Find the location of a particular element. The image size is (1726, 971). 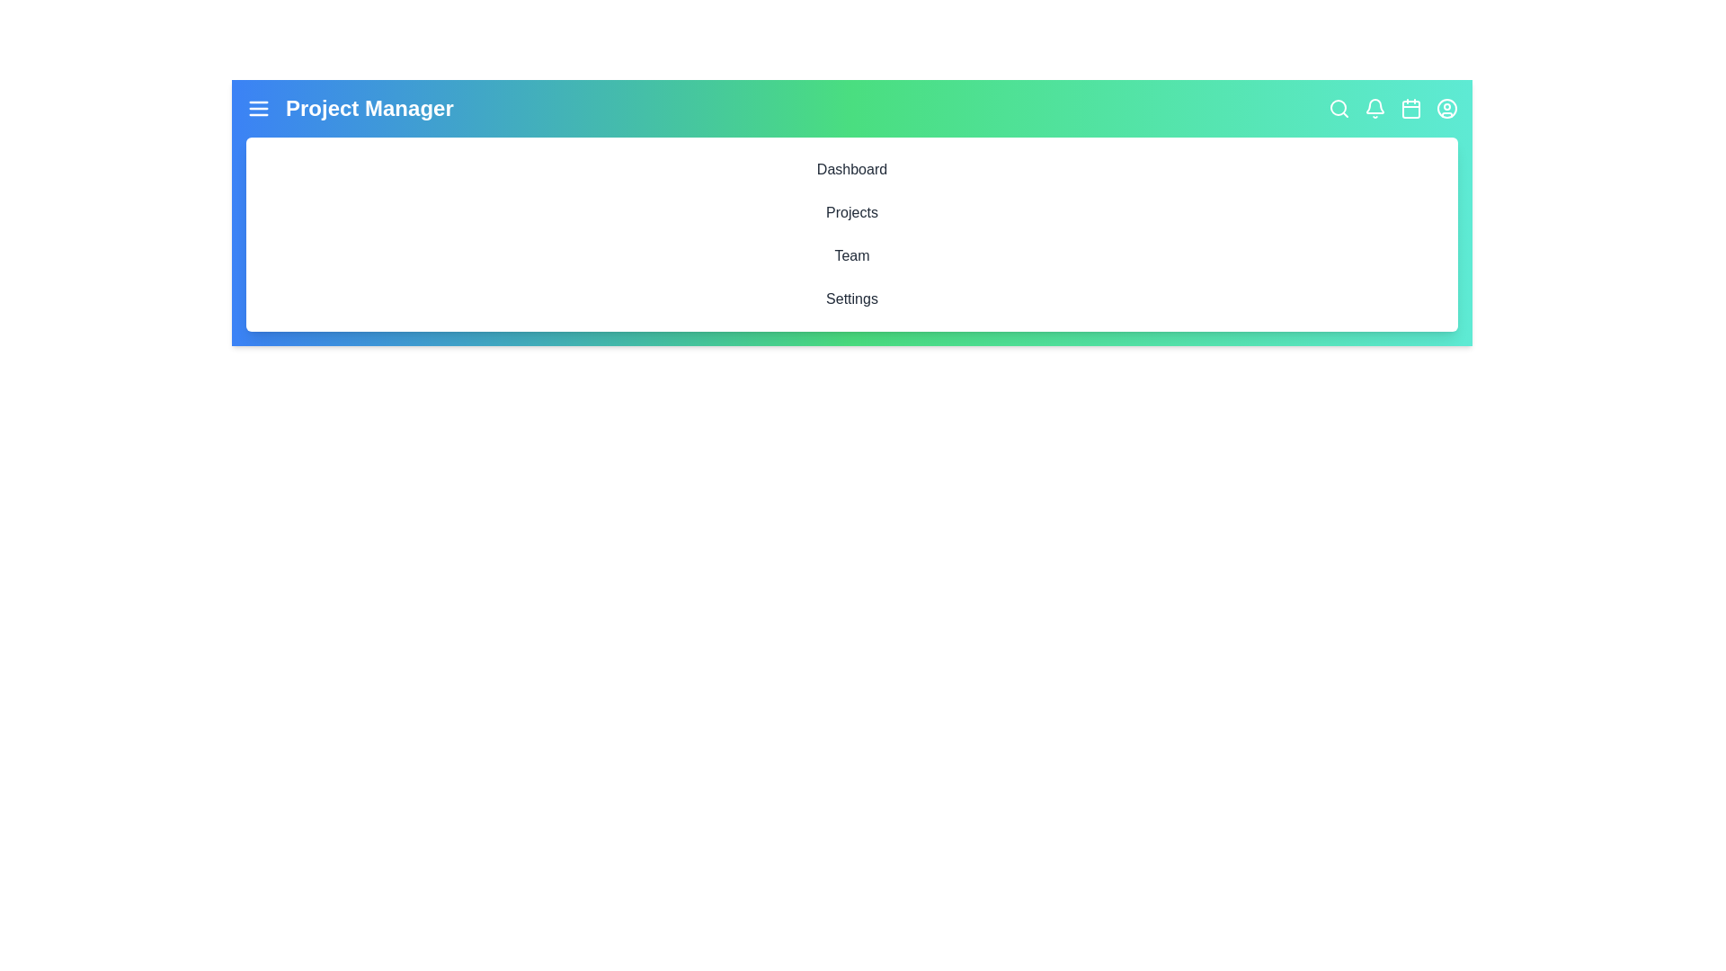

the interactive element Bell to inspect its hover effect is located at coordinates (1375, 108).